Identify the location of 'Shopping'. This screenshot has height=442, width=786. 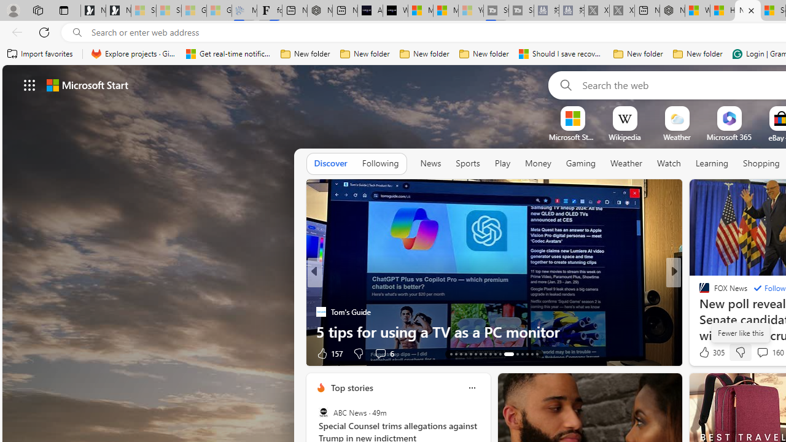
(761, 163).